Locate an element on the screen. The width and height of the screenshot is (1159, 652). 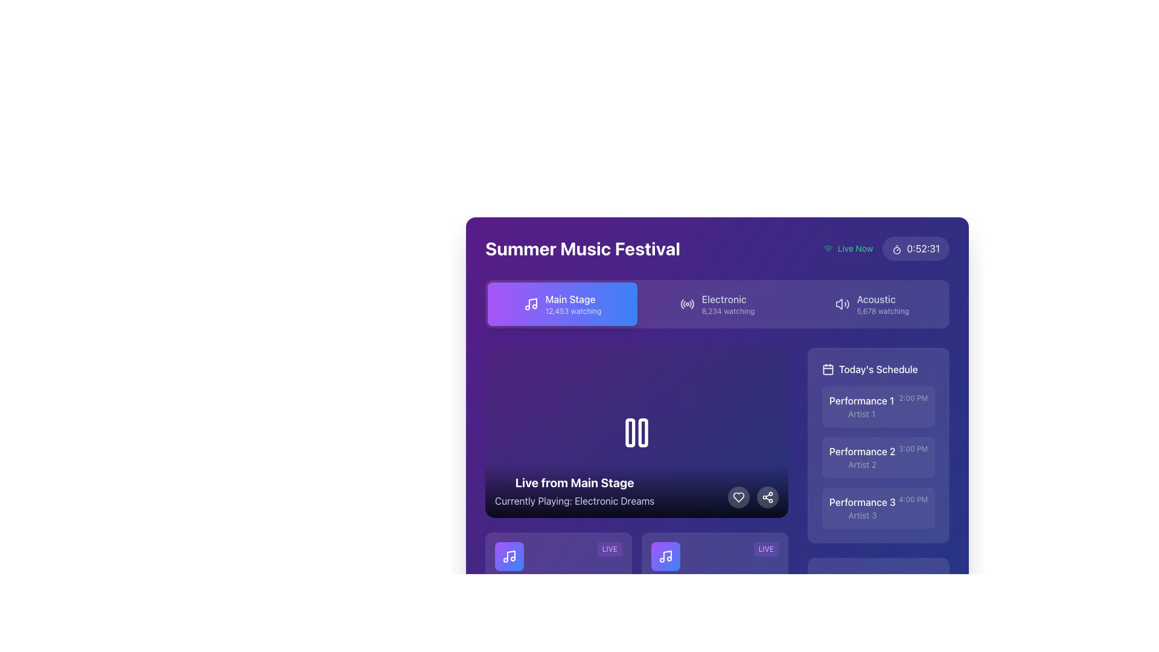
the static text label displaying the currently playing track, located below the 'Live from Main Stage' label in the black semi-transparent box is located at coordinates (574, 501).